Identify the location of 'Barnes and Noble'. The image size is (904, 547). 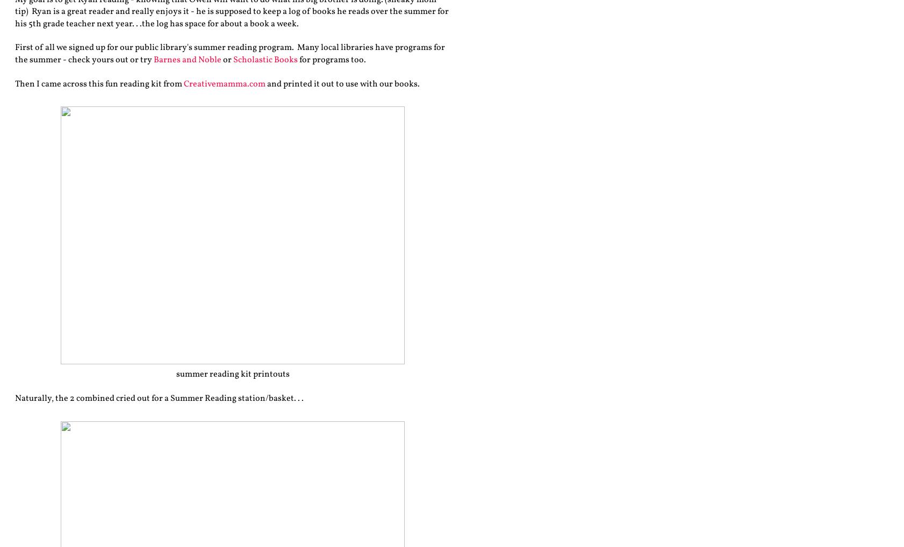
(187, 59).